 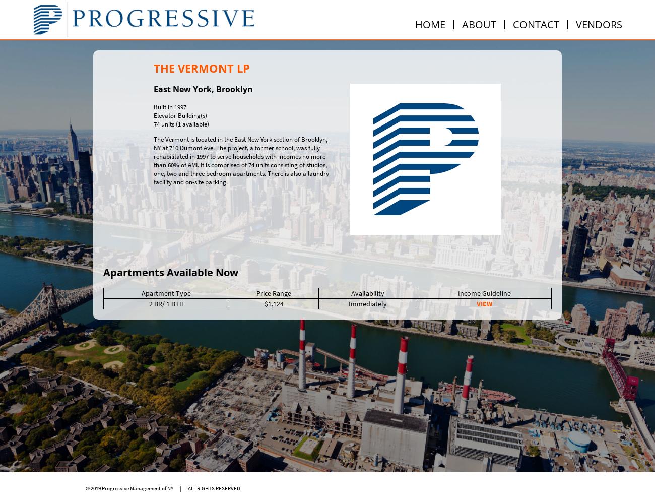 What do you see at coordinates (476, 303) in the screenshot?
I see `'VIEW'` at bounding box center [476, 303].